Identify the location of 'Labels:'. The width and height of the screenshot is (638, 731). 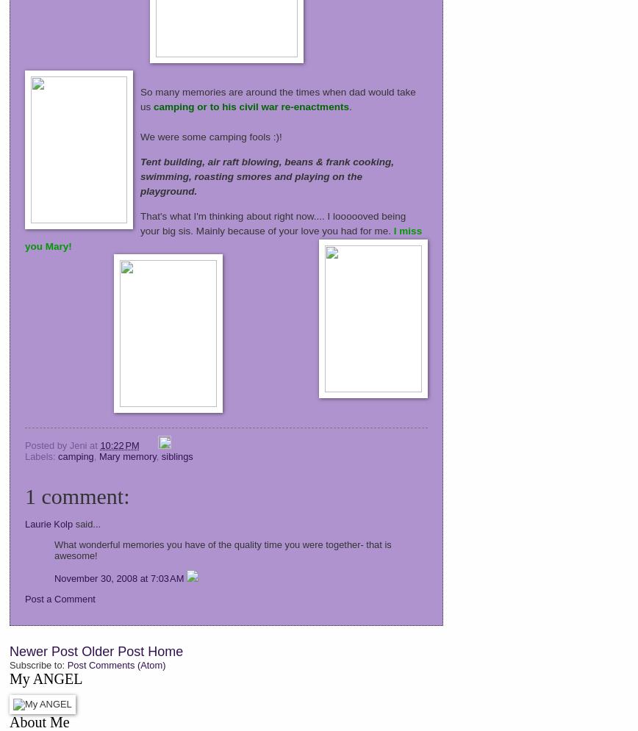
(25, 455).